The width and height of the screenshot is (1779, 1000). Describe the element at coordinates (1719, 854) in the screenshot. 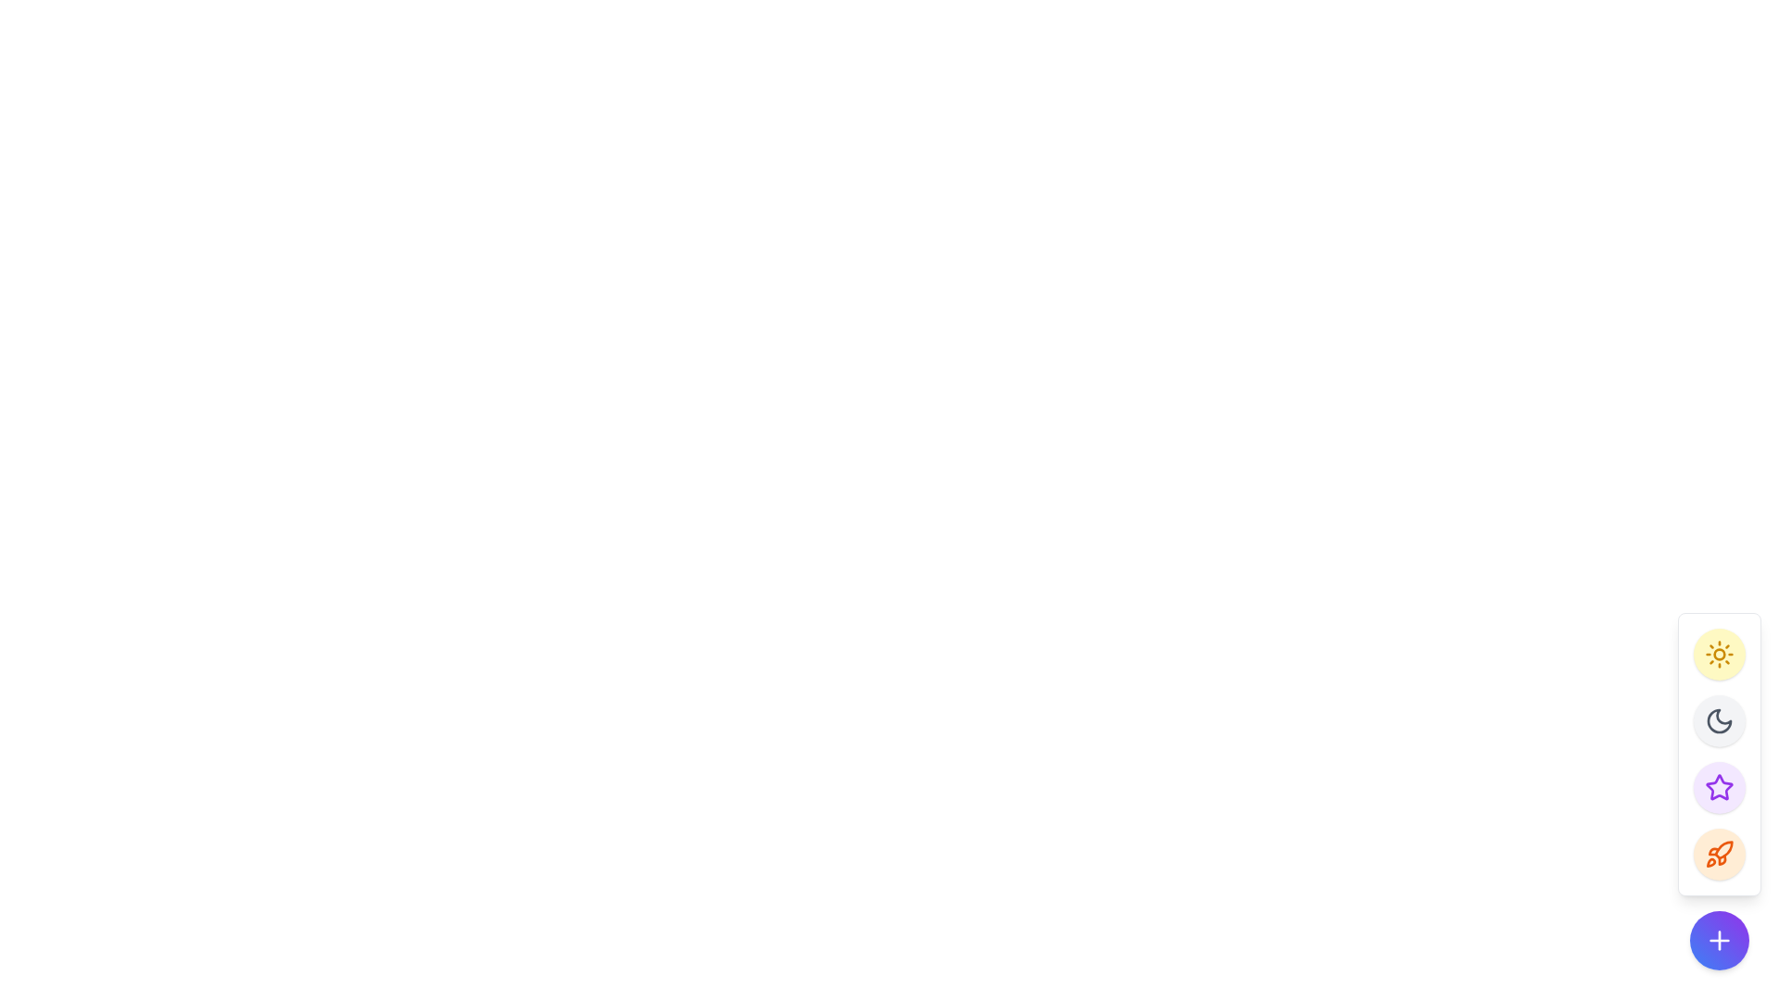

I see `the bottommost circular button in the floating panel that triggers an action related to the rocket symbol for keyboard interaction` at that location.